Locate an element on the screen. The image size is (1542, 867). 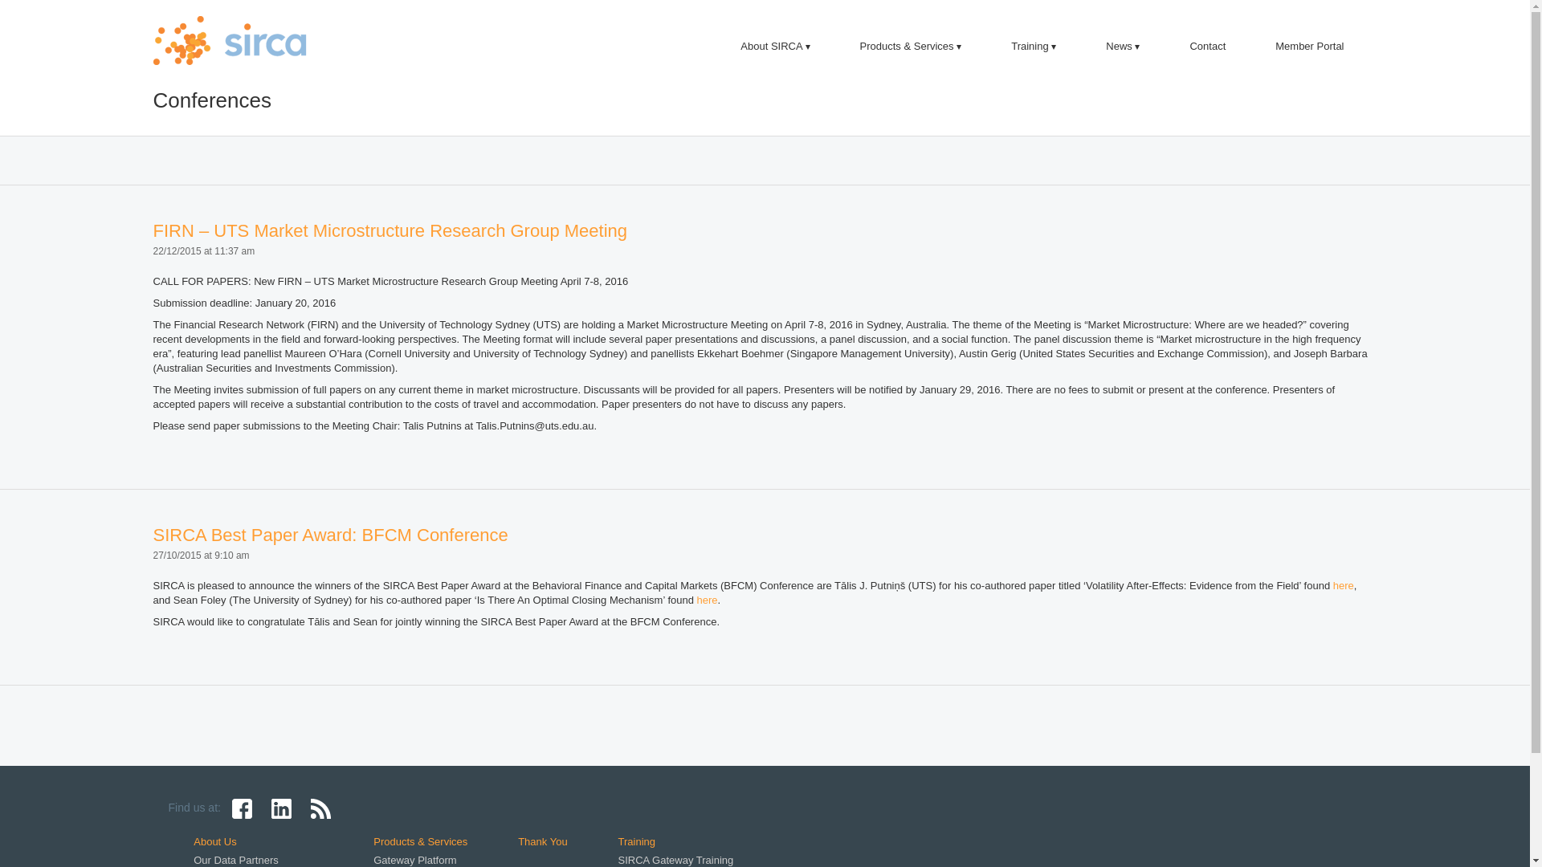
'News' is located at coordinates (1121, 45).